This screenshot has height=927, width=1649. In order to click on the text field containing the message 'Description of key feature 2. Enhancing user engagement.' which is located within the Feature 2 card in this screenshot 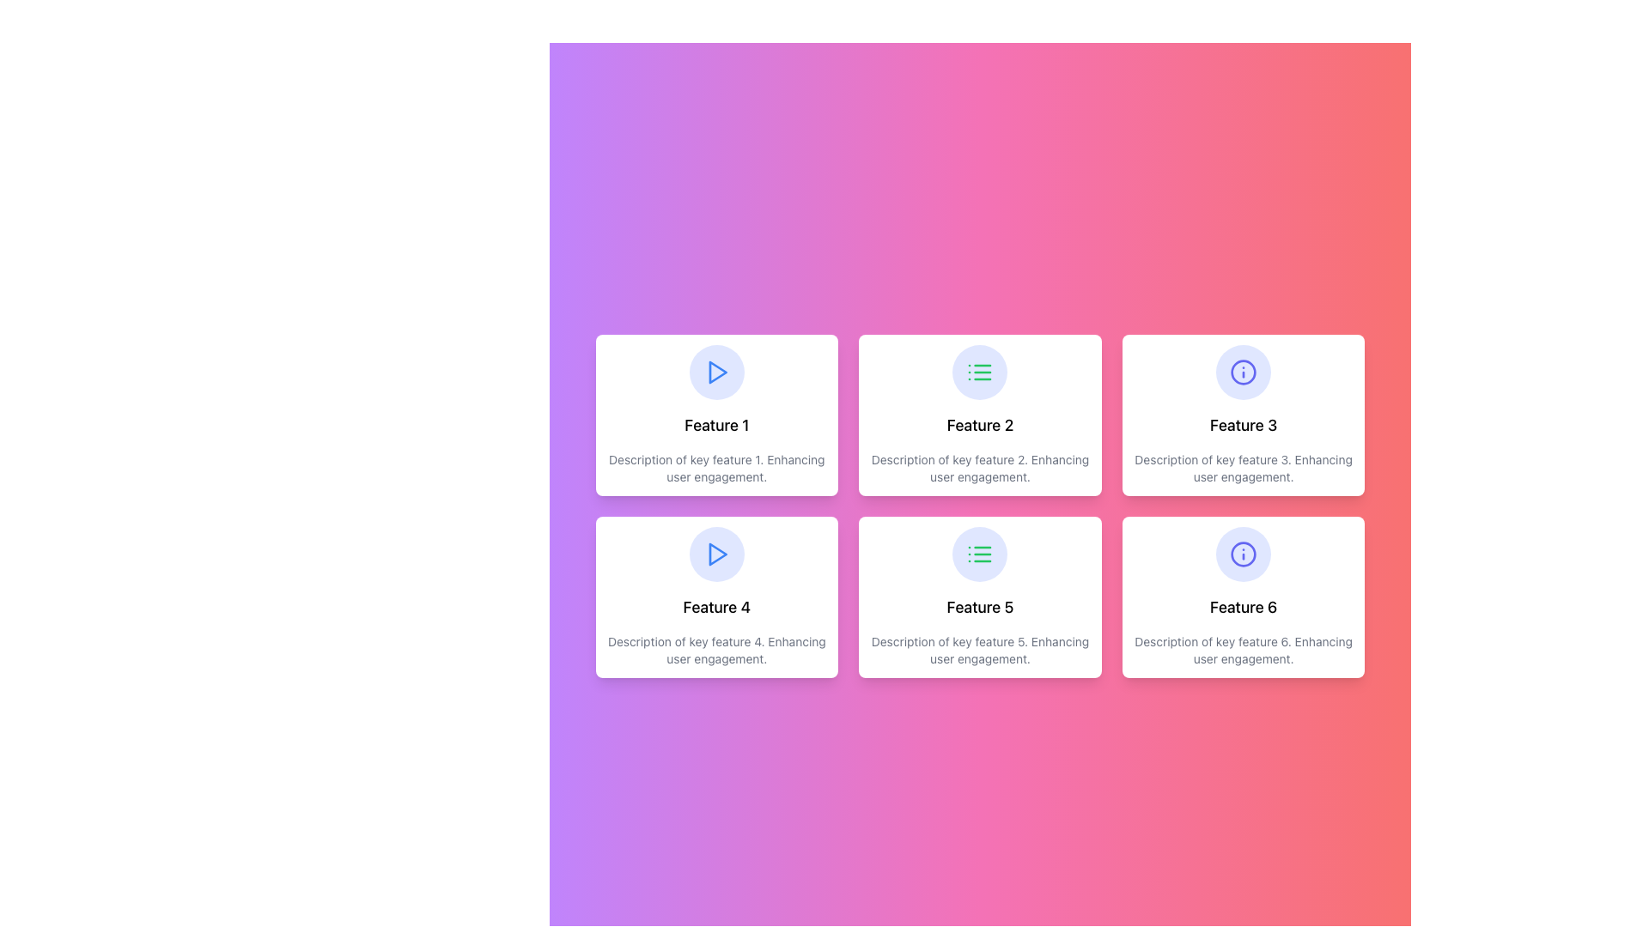, I will do `click(980, 469)`.